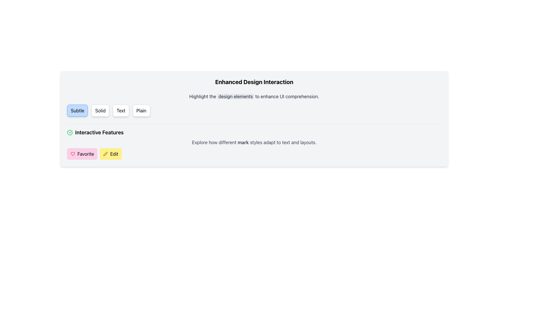  Describe the element at coordinates (106, 153) in the screenshot. I see `the pen icon styled with a yellow color inside the yellow 'Edit' button, which is positioned to the right of the 'Favorite' button` at that location.